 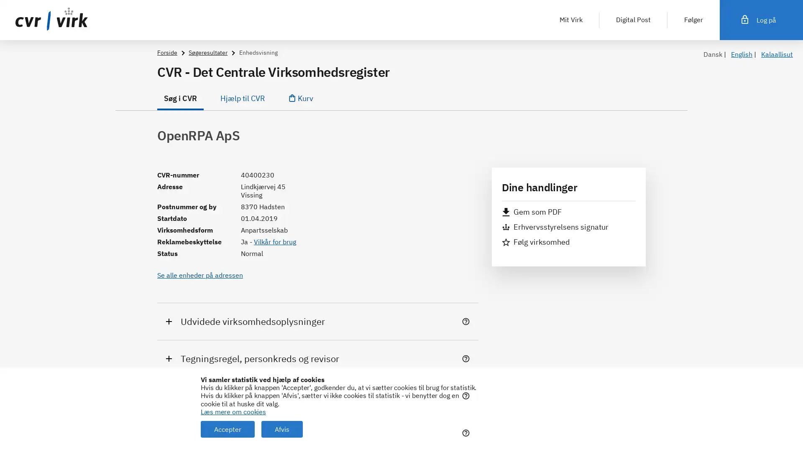 What do you see at coordinates (742, 54) in the screenshot?
I see `English` at bounding box center [742, 54].